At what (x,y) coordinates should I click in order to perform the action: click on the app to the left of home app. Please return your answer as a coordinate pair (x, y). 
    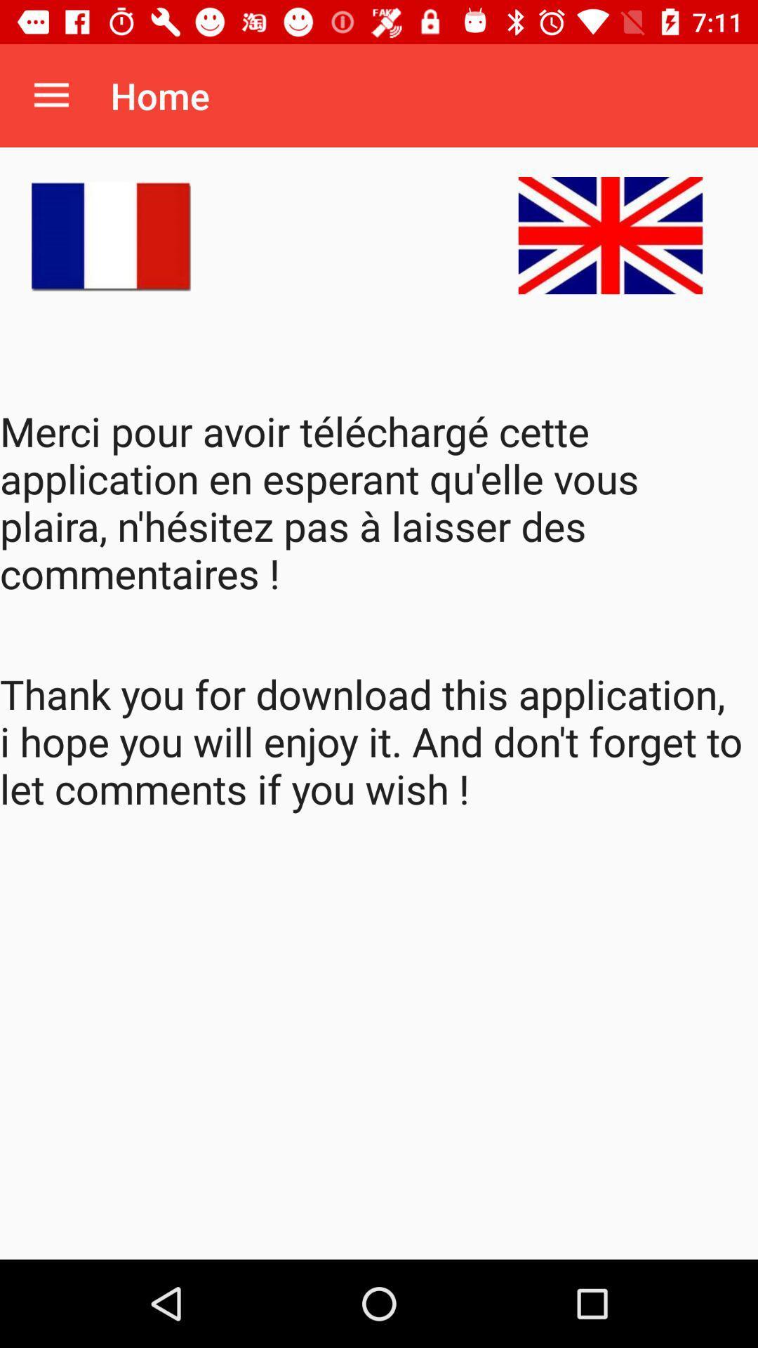
    Looking at the image, I should click on (51, 95).